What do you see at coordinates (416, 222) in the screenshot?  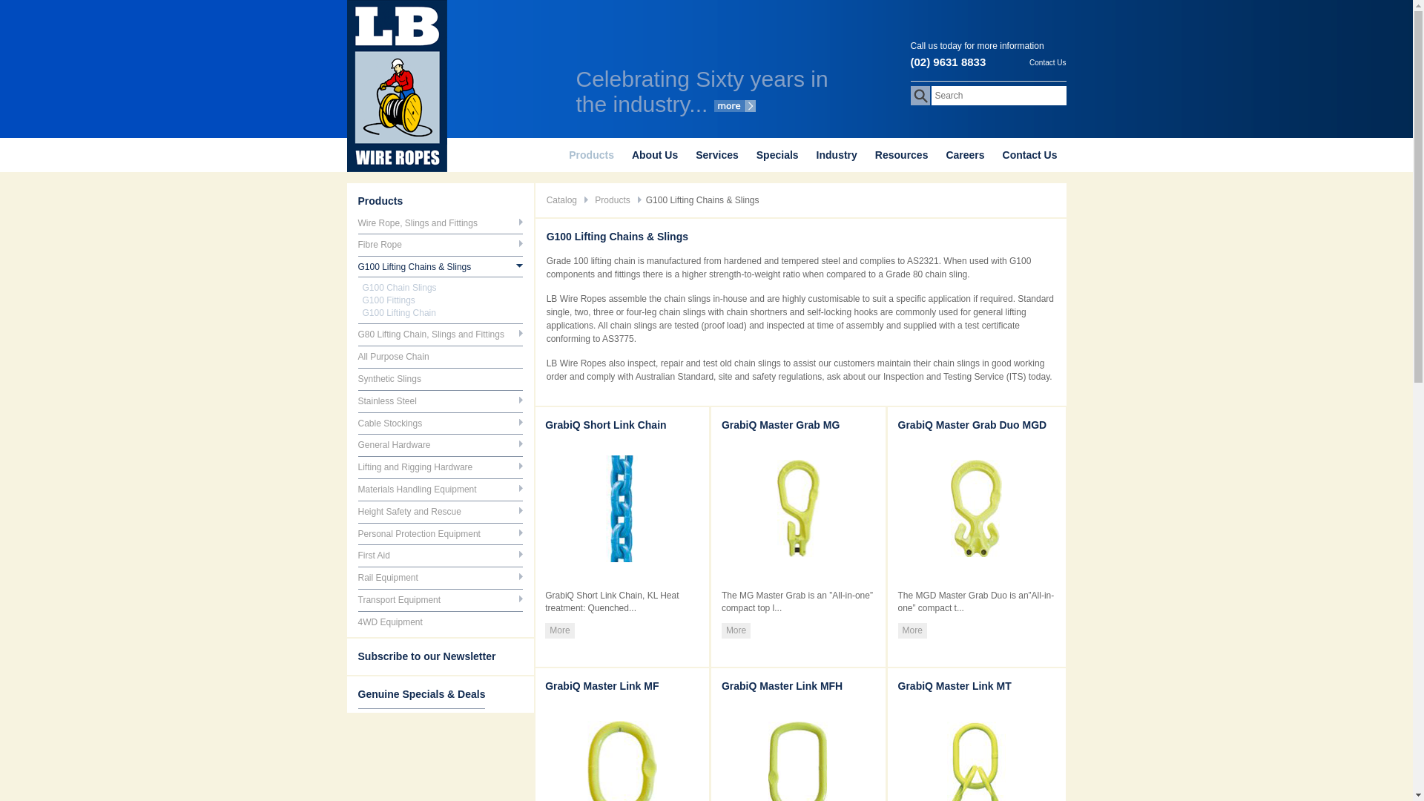 I see `'Wire Rope, Slings and Fittings'` at bounding box center [416, 222].